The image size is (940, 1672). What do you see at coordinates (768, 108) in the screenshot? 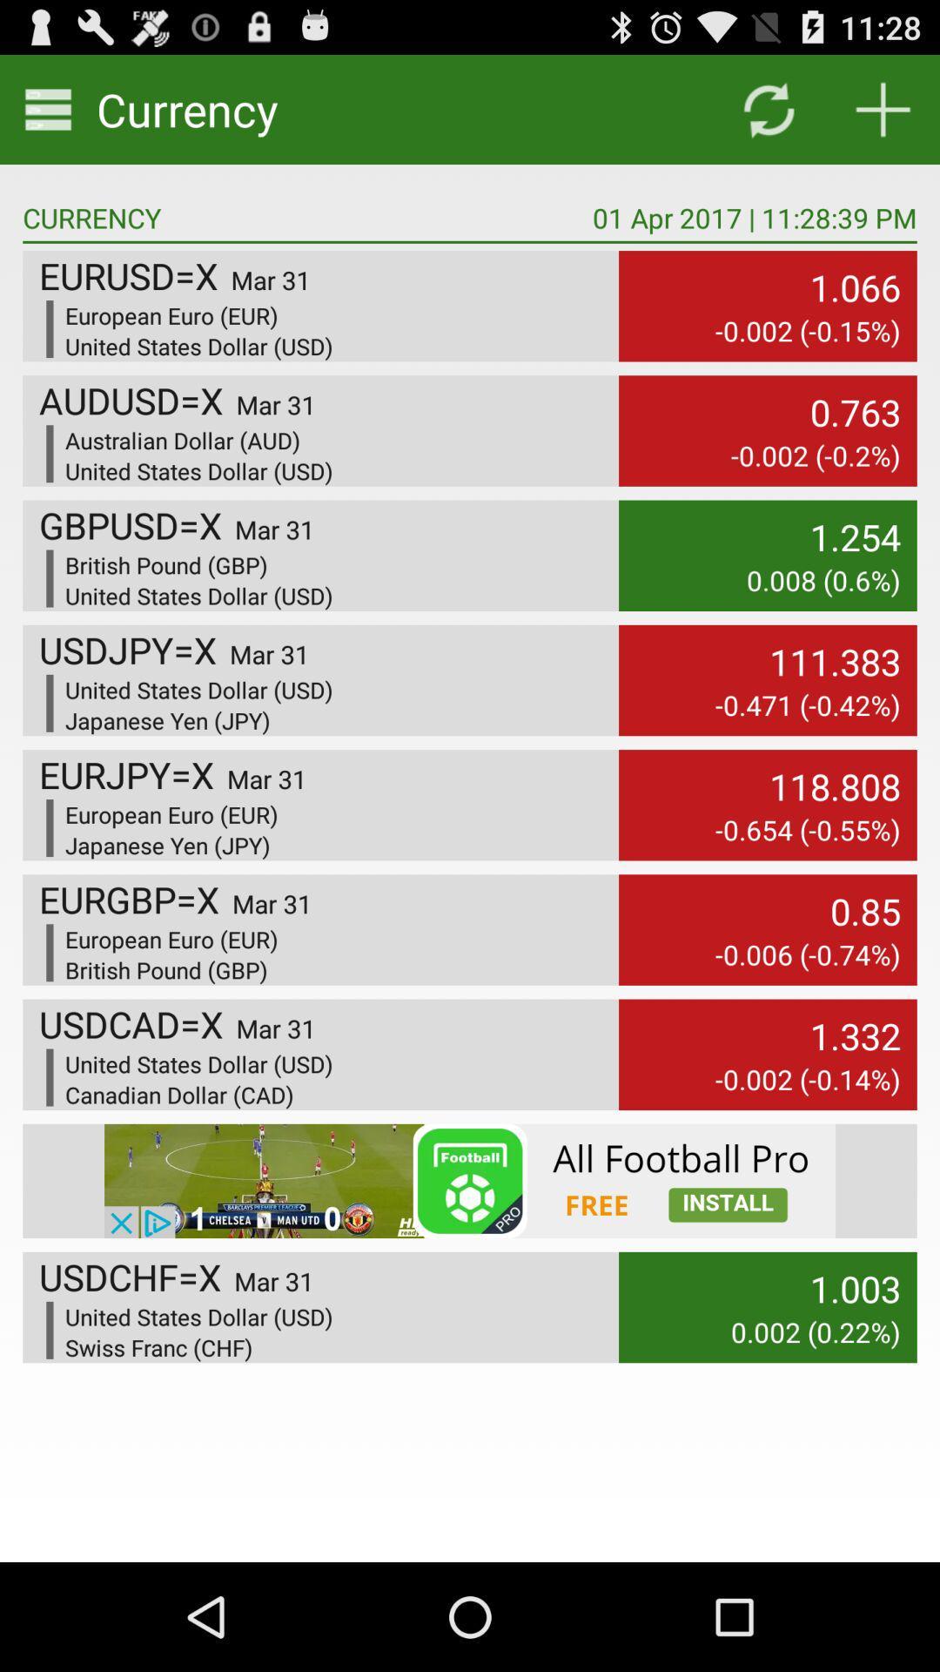
I see `refresh` at bounding box center [768, 108].